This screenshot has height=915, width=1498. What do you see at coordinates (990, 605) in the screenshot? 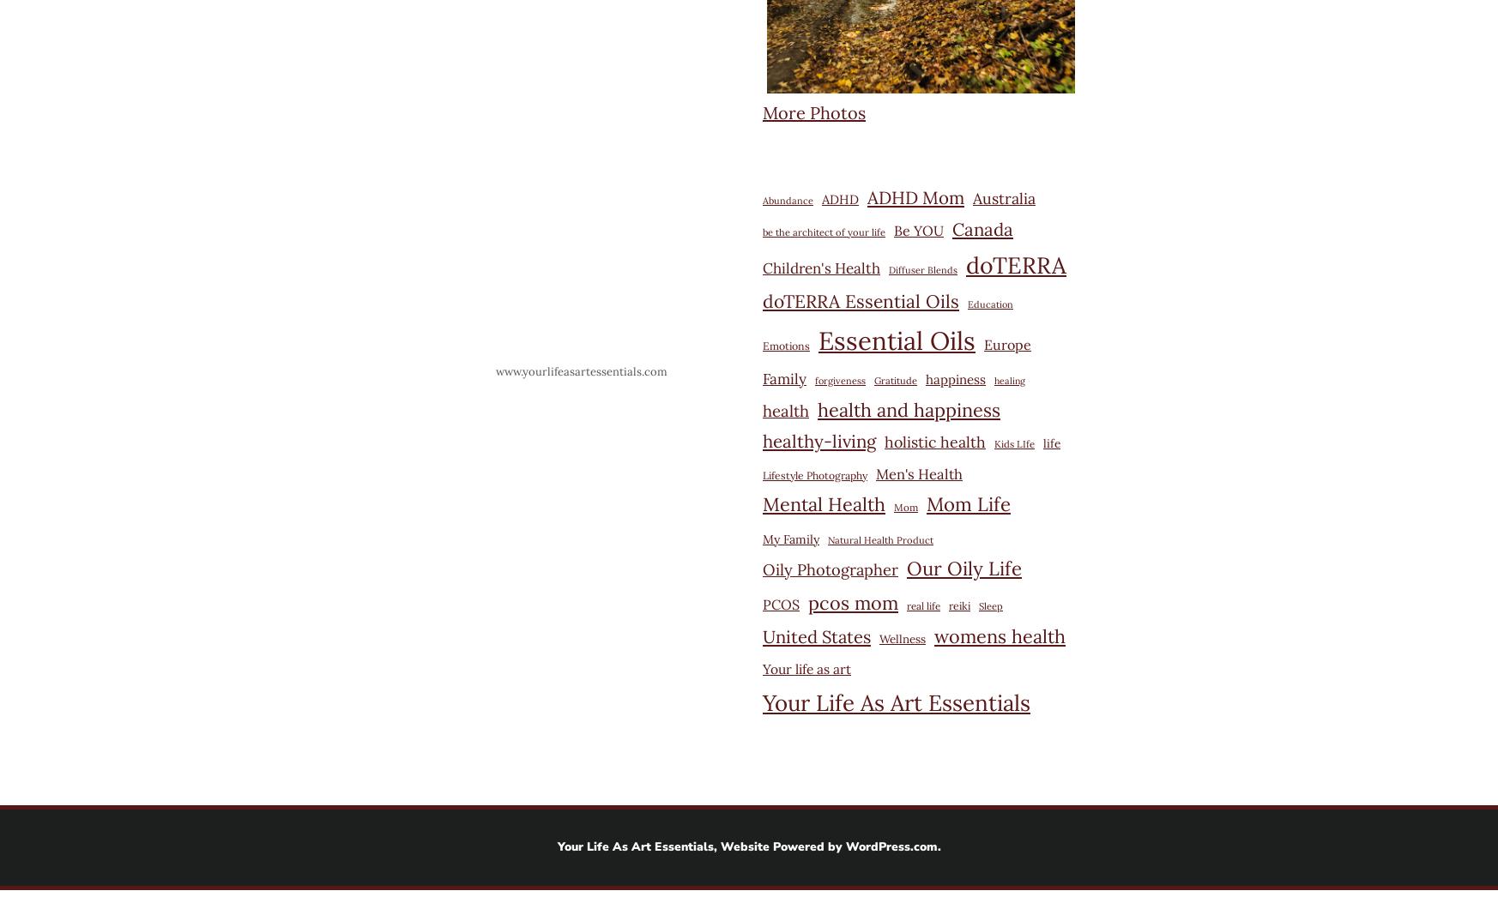
I see `'Sleep'` at bounding box center [990, 605].